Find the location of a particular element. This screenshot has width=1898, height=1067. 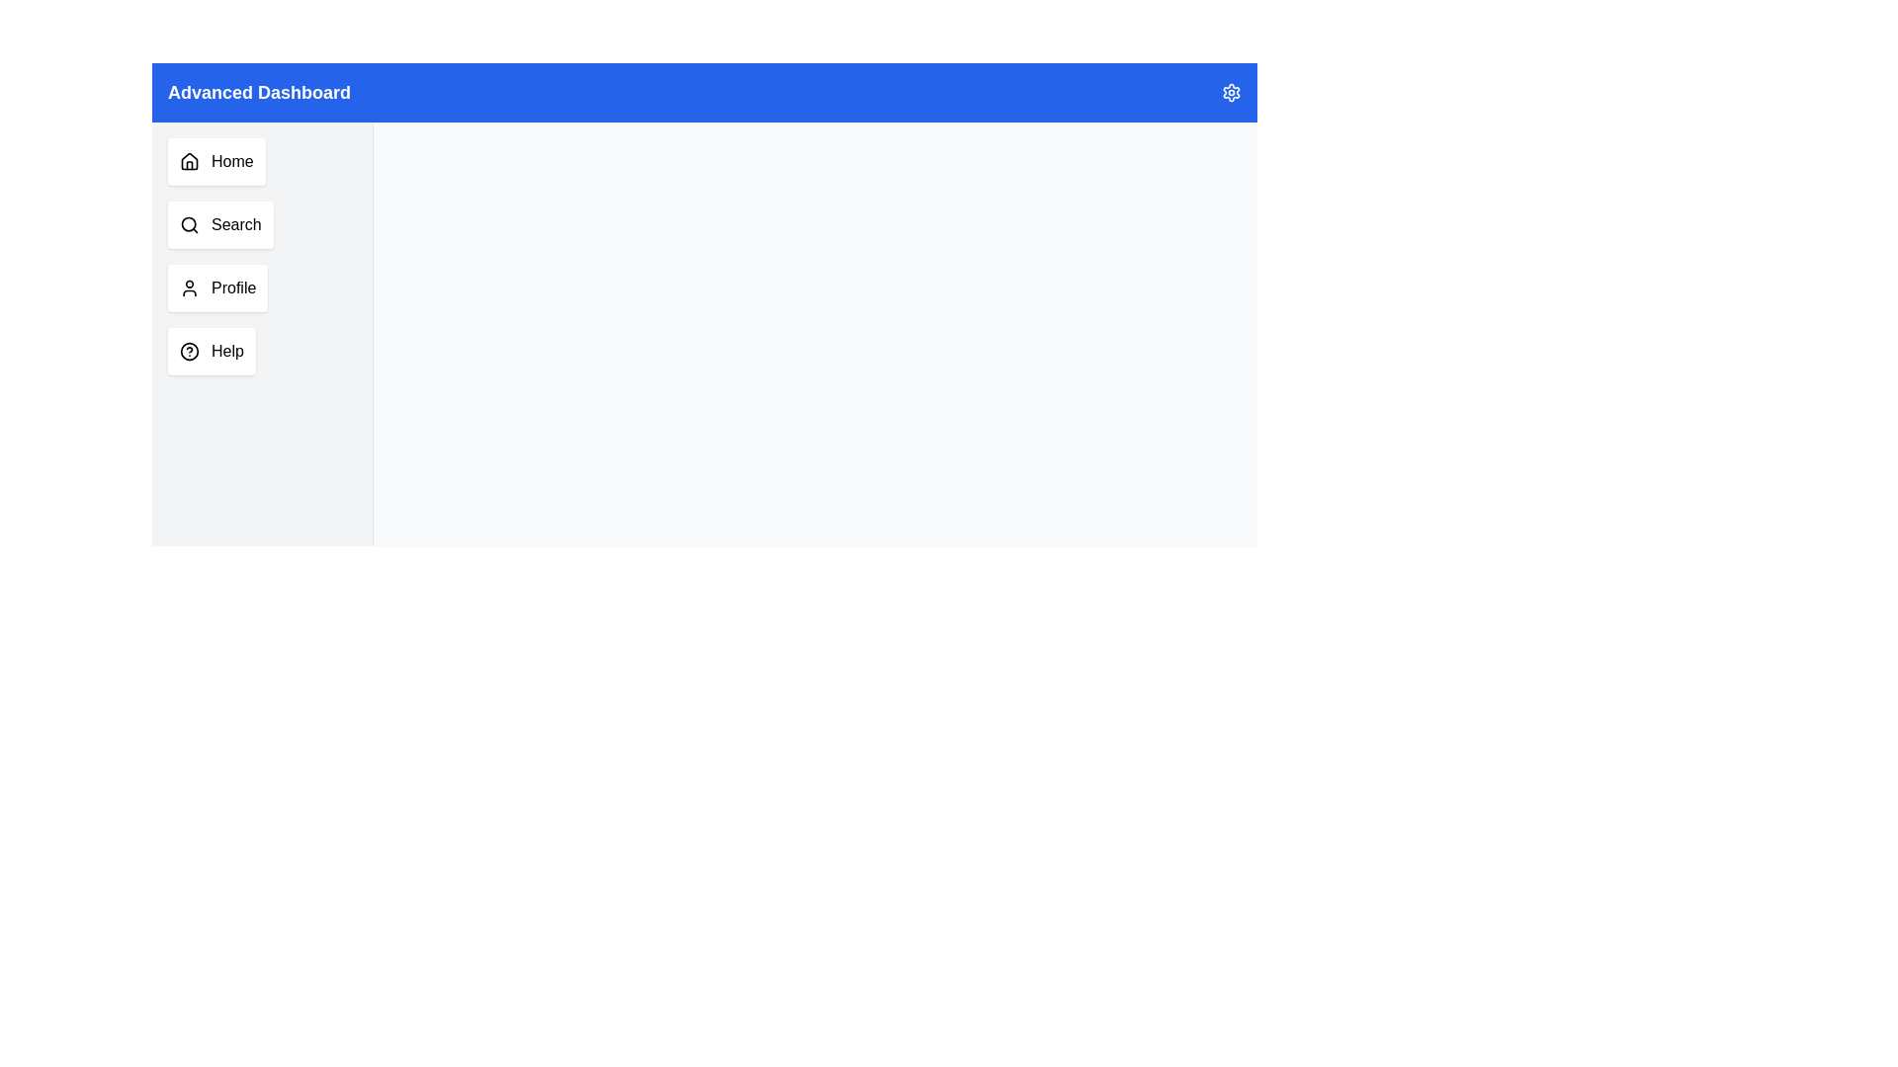

the 'Profile' text label located in the third position of the vertical sidebar button group, which indicates navigation to the user's profile section is located at coordinates (233, 288).